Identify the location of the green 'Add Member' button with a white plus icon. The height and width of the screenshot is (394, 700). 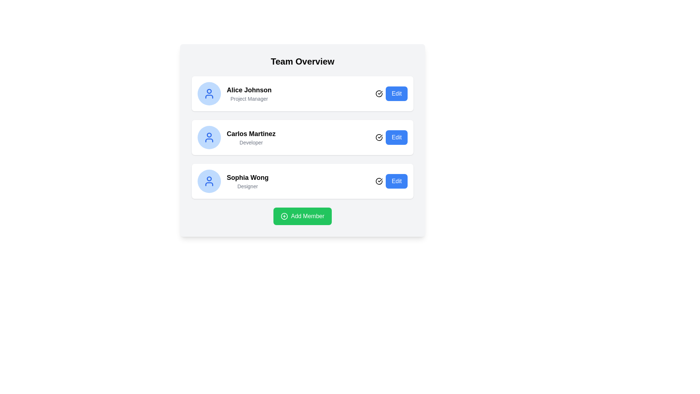
(303, 216).